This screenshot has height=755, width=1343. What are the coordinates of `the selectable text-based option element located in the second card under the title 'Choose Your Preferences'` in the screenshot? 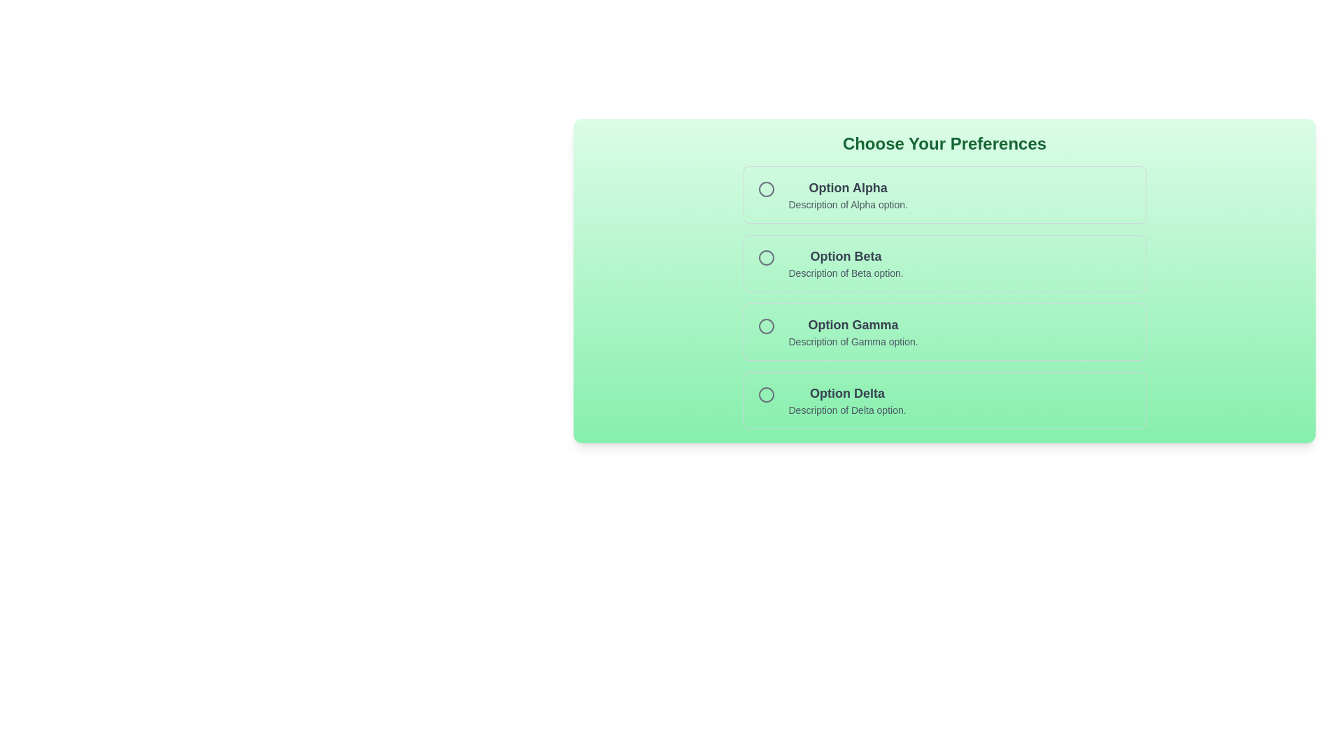 It's located at (845, 264).